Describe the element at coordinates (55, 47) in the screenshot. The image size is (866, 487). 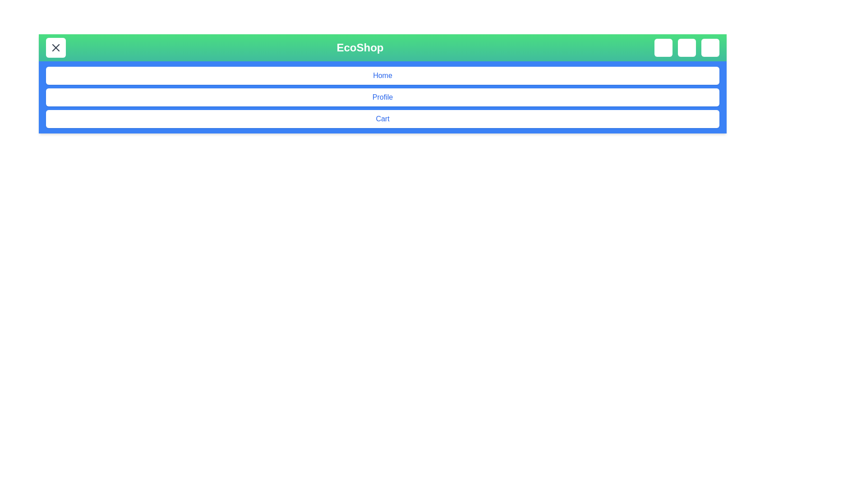
I see `the button displaying the close icon to toggle the menu visibility` at that location.